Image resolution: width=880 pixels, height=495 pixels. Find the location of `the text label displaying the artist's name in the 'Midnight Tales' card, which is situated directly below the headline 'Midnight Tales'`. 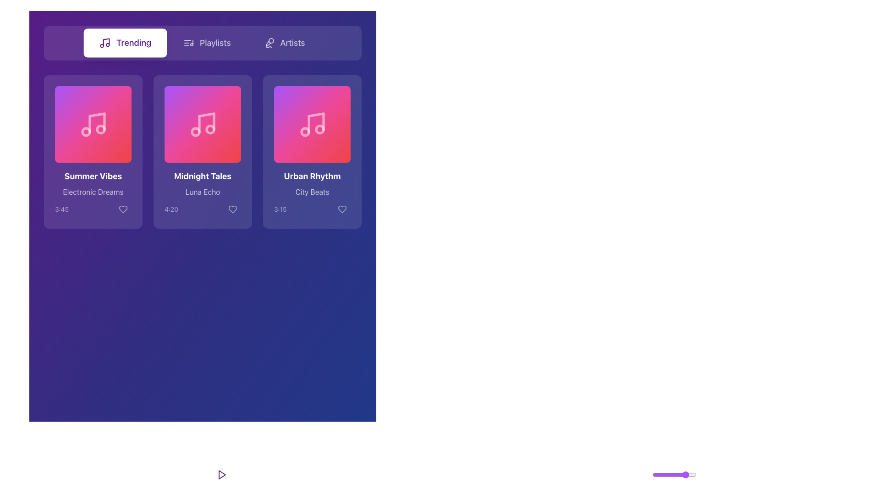

the text label displaying the artist's name in the 'Midnight Tales' card, which is situated directly below the headline 'Midnight Tales' is located at coordinates (202, 193).